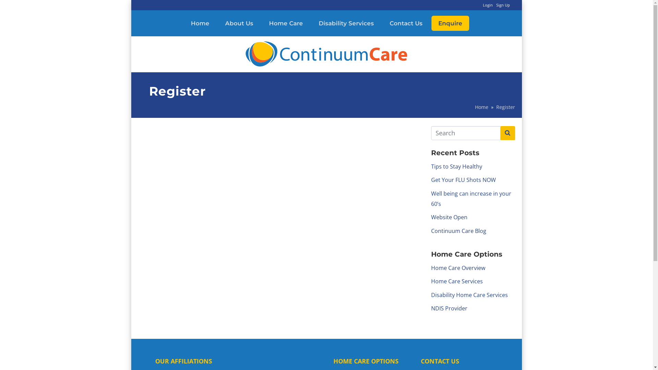 This screenshot has height=370, width=658. Describe the element at coordinates (346, 23) in the screenshot. I see `'Disability Services'` at that location.